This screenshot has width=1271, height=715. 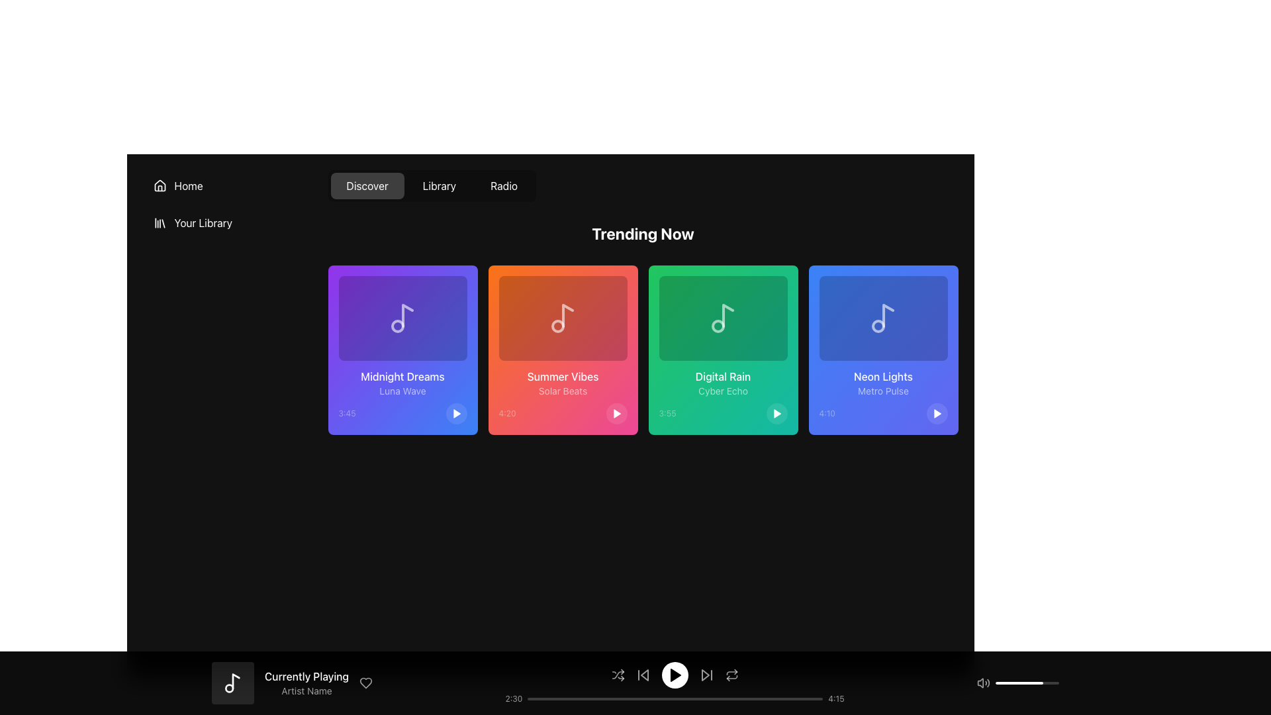 I want to click on the text label displaying '4:10' located in the bottom left corner of the blue card labeled 'Neon Lights' by 'Metro Pulse' in the 'Trending Now' section, so click(x=826, y=412).